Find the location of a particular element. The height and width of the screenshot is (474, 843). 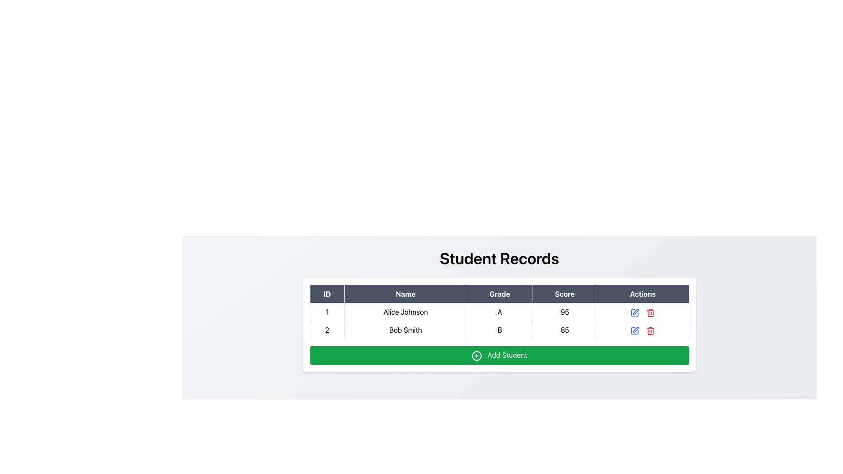

the 'Edit' icon in the 'Actions' column of the first row of the table to initiate edit is located at coordinates (635, 311).